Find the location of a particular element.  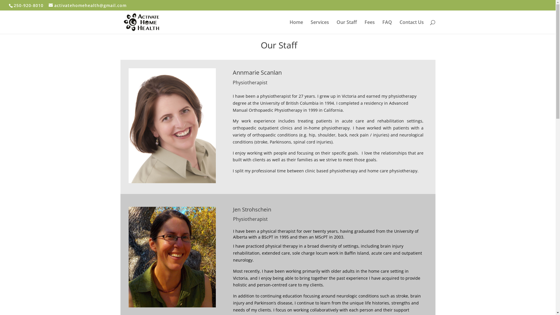

'FAQ' is located at coordinates (382, 27).